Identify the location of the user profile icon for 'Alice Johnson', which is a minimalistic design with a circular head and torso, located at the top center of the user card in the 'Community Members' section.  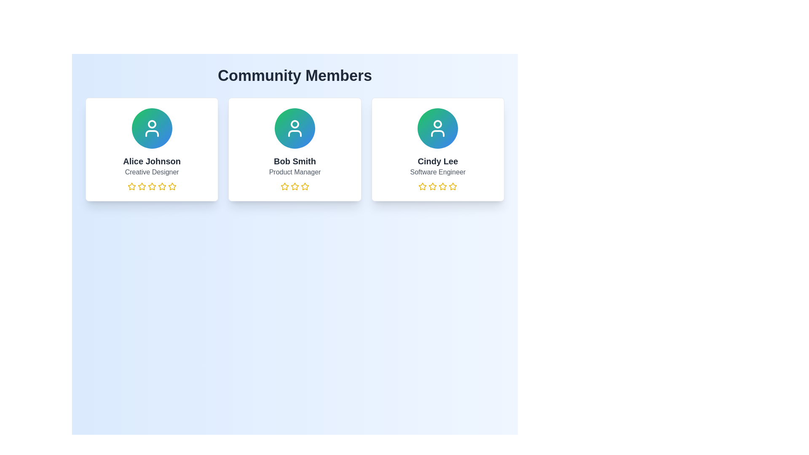
(152, 128).